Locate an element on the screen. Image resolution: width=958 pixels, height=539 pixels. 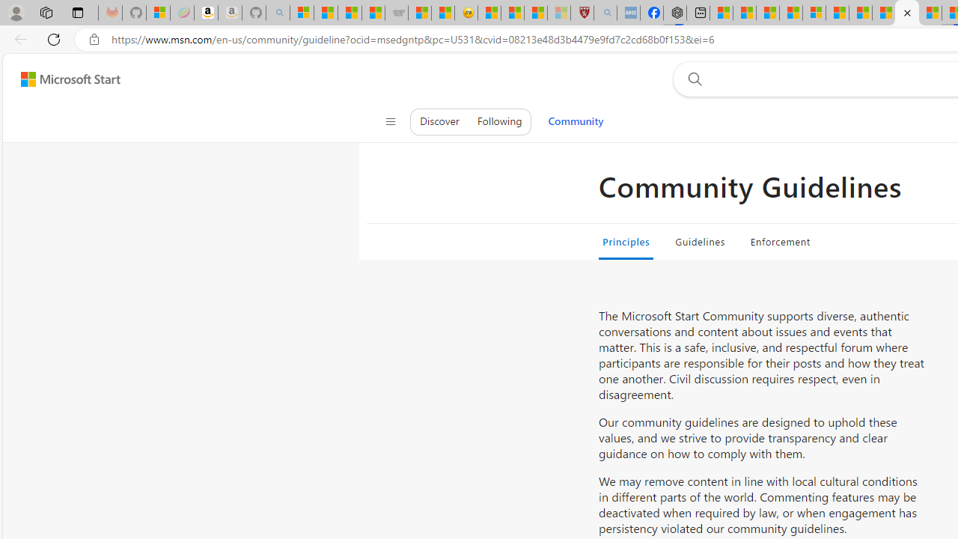
'View site information' is located at coordinates (94, 39).